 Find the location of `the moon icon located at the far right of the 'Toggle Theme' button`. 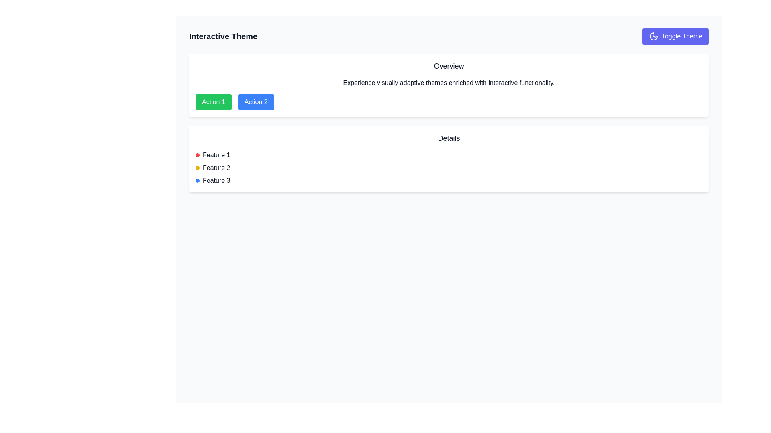

the moon icon located at the far right of the 'Toggle Theme' button is located at coordinates (653, 36).